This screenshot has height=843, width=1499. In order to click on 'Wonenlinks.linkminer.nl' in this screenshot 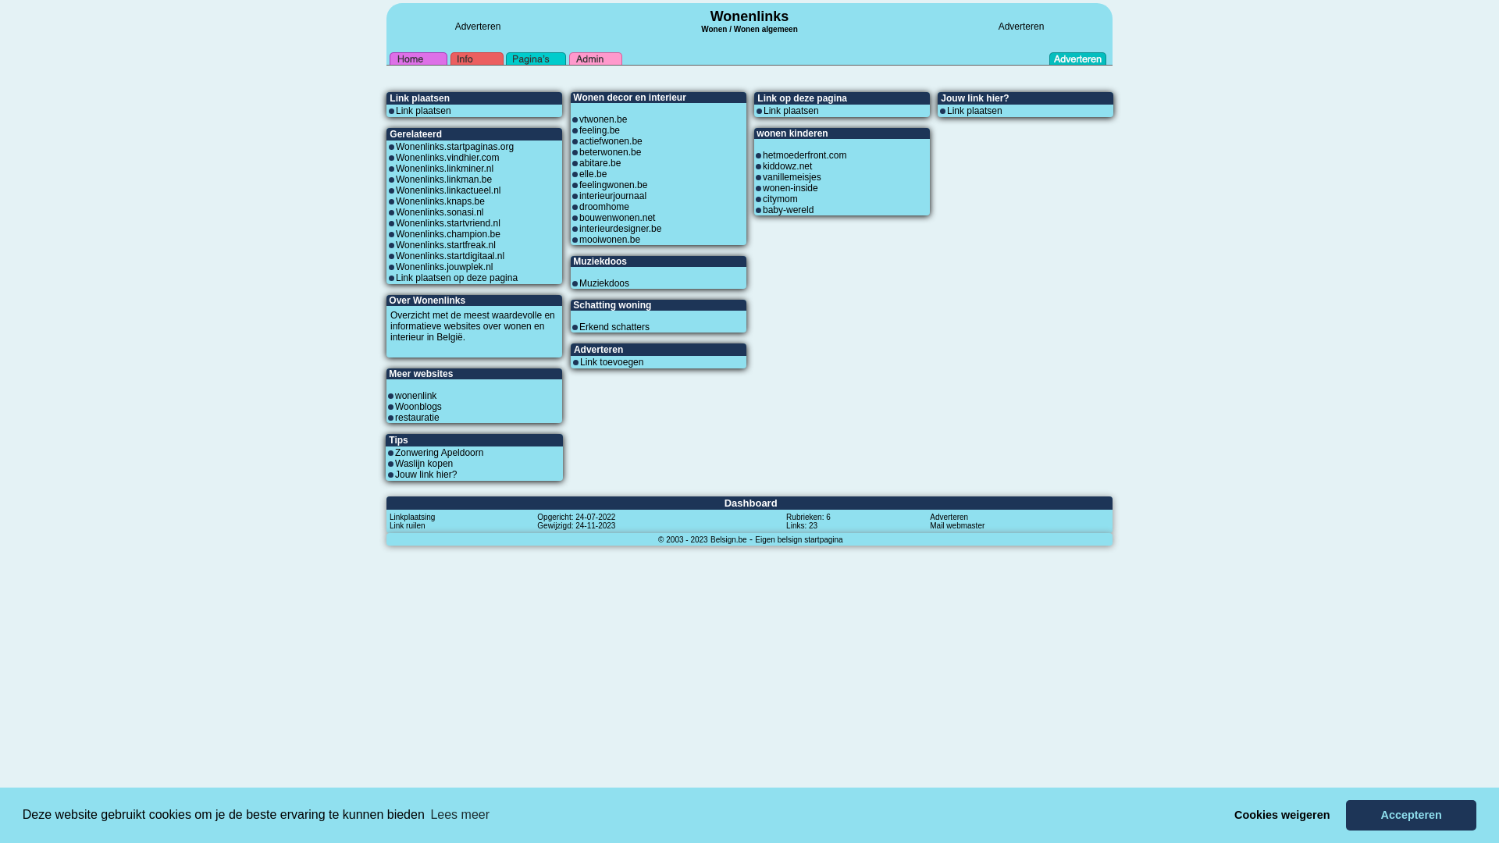, I will do `click(443, 169)`.